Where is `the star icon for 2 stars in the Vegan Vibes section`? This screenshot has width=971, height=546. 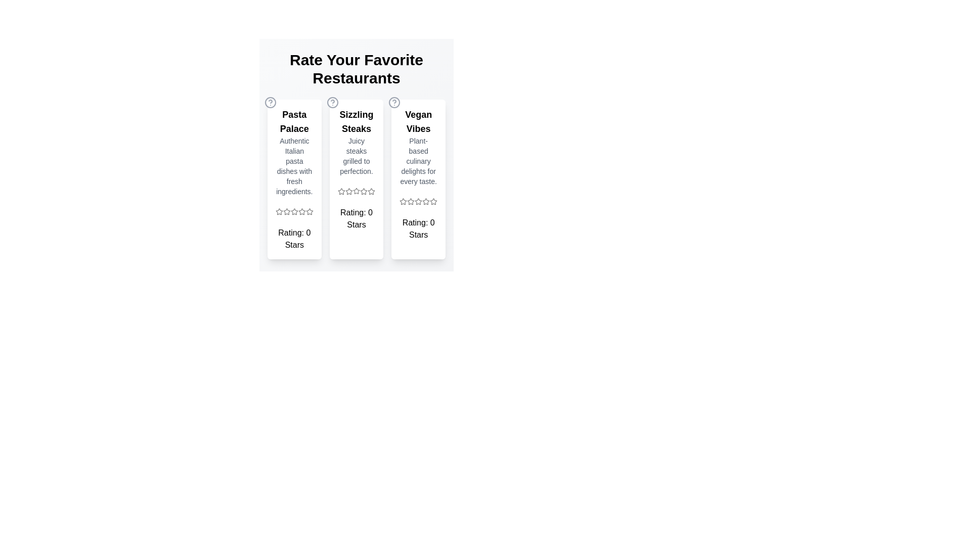
the star icon for 2 stars in the Vegan Vibes section is located at coordinates (411, 201).